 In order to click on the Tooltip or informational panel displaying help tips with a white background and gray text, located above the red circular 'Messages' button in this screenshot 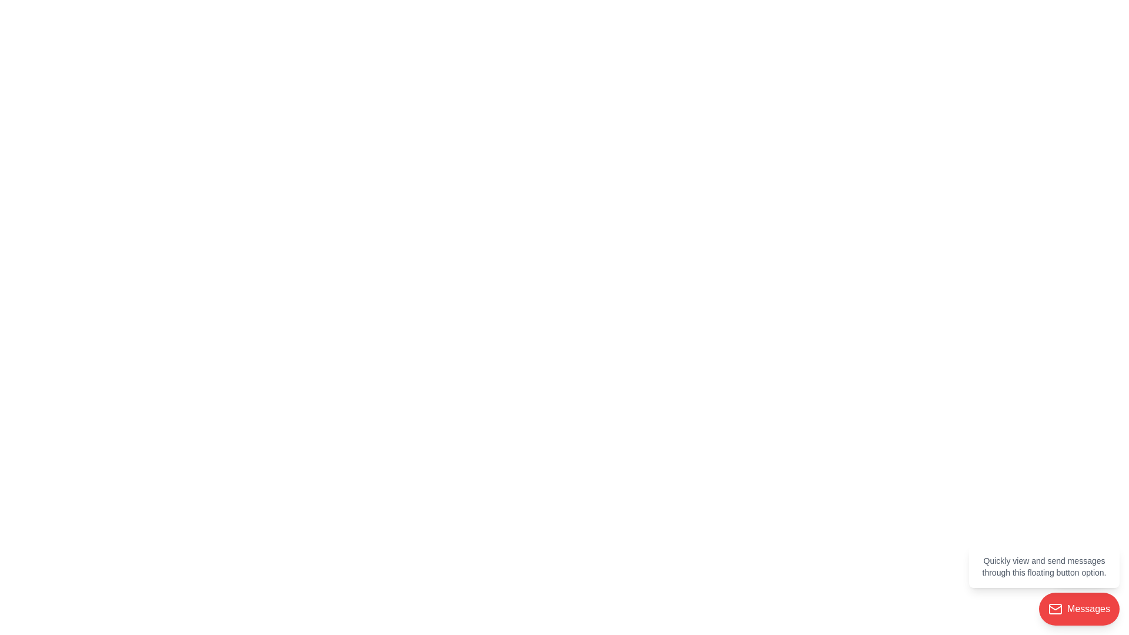, I will do `click(1044, 566)`.